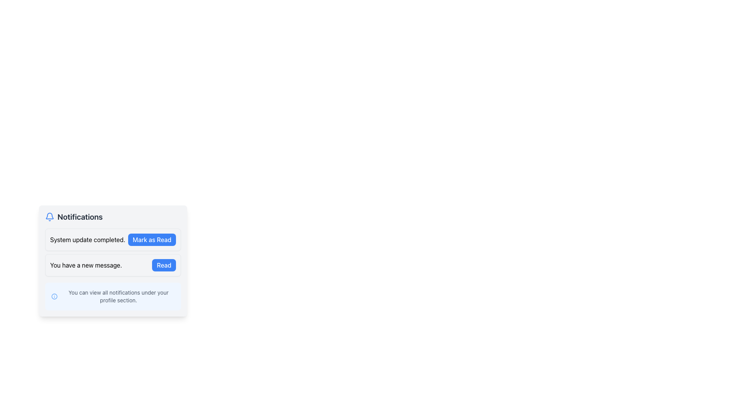  What do you see at coordinates (88, 239) in the screenshot?
I see `text displayed in the Text Label indicating that a system update has been completed, which is located in the first notification block below the 'Notifications' title and next to the 'Mark as Read' button` at bounding box center [88, 239].